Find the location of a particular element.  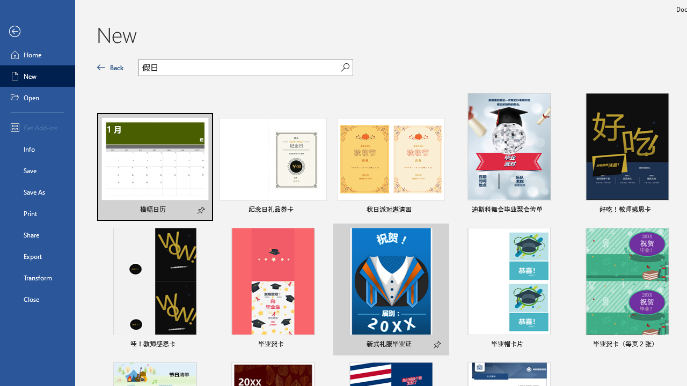

'Transform' is located at coordinates (37, 277).